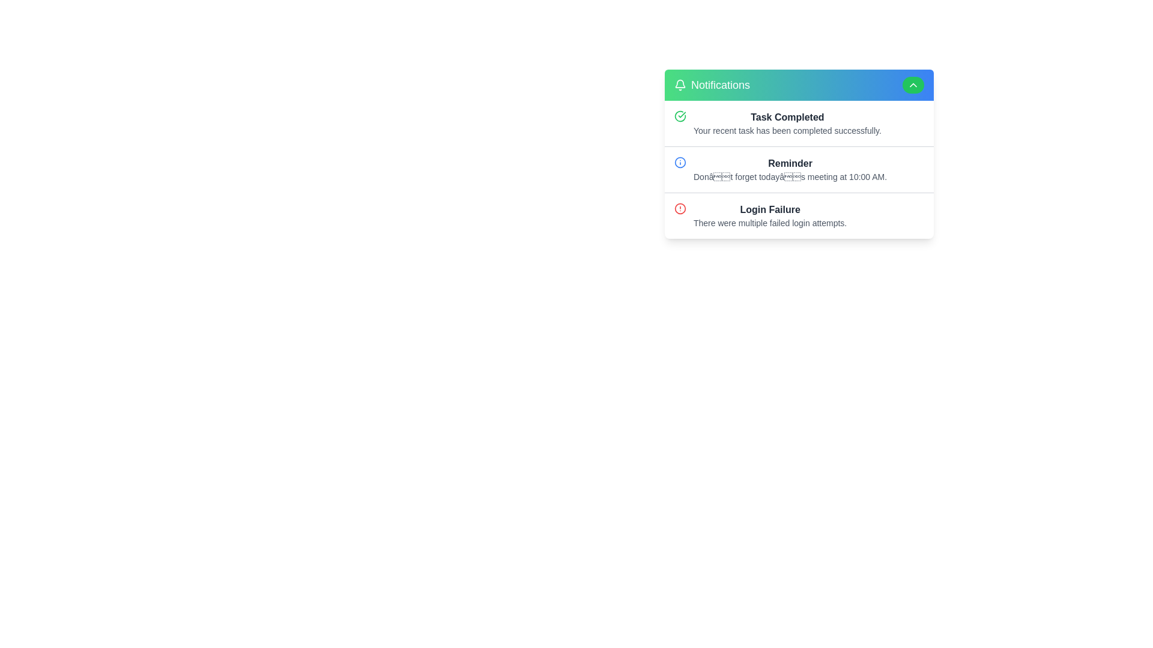 Image resolution: width=1153 pixels, height=648 pixels. What do you see at coordinates (799, 123) in the screenshot?
I see `the first notification card in the notifications list which appears below the header 'Notifications' and above the 'Reminder' notification` at bounding box center [799, 123].